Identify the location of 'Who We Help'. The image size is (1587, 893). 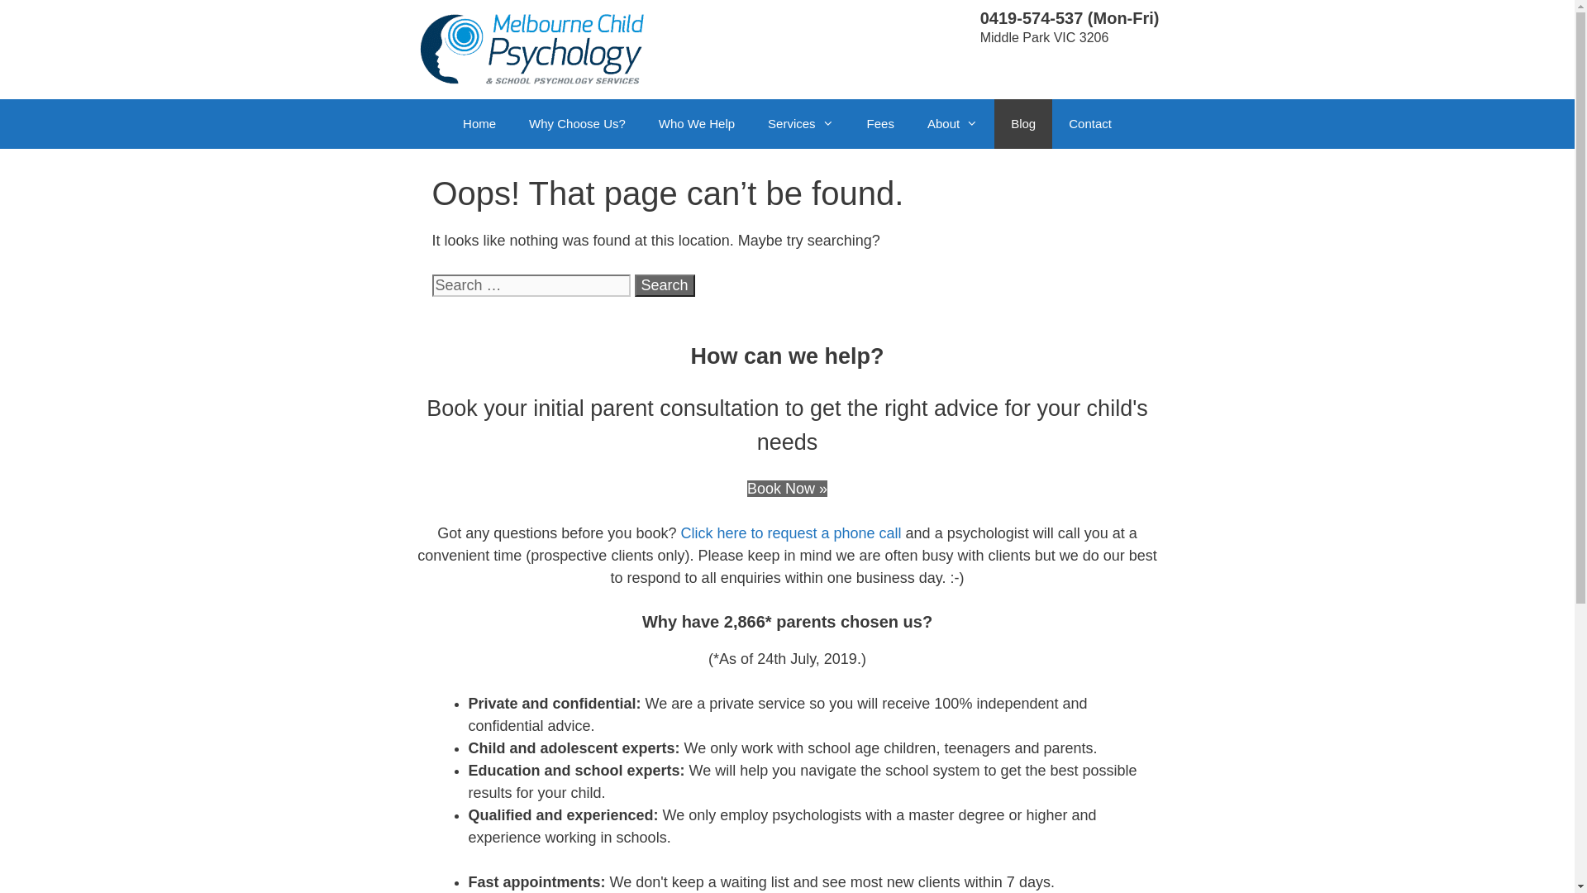
(697, 123).